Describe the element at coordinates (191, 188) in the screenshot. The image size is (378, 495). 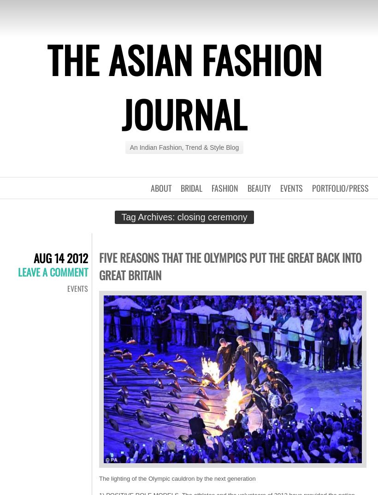
I see `'Bridal'` at that location.